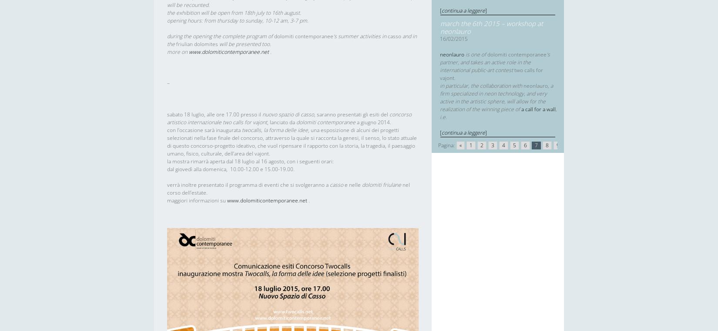 This screenshot has width=718, height=331. I want to click on 'Verrà inoltre presentato il programma di eventi che si svolgeranno a', so click(248, 184).